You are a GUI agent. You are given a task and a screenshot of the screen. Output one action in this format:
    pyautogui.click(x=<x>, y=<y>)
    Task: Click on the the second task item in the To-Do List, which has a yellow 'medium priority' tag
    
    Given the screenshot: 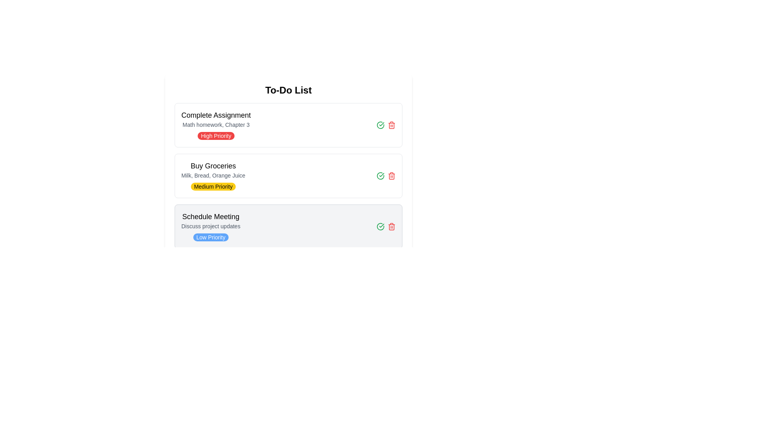 What is the action you would take?
    pyautogui.click(x=288, y=175)
    